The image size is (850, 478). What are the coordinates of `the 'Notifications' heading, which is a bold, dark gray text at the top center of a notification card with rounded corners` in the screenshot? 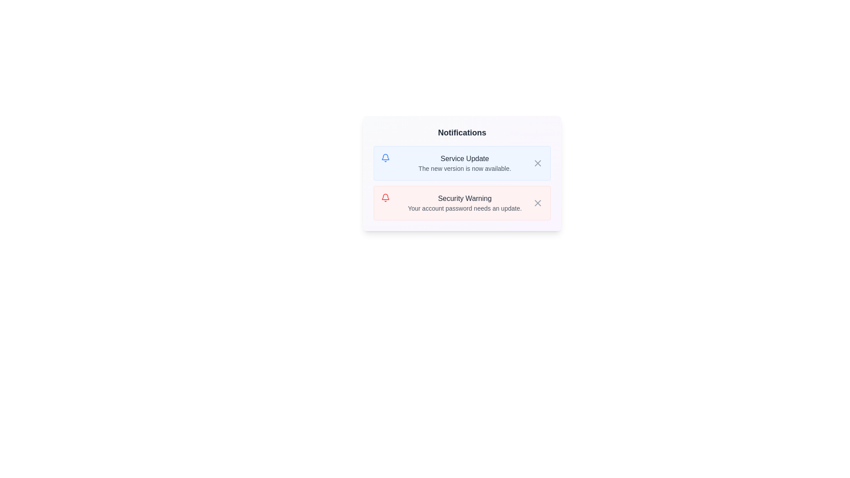 It's located at (461, 133).